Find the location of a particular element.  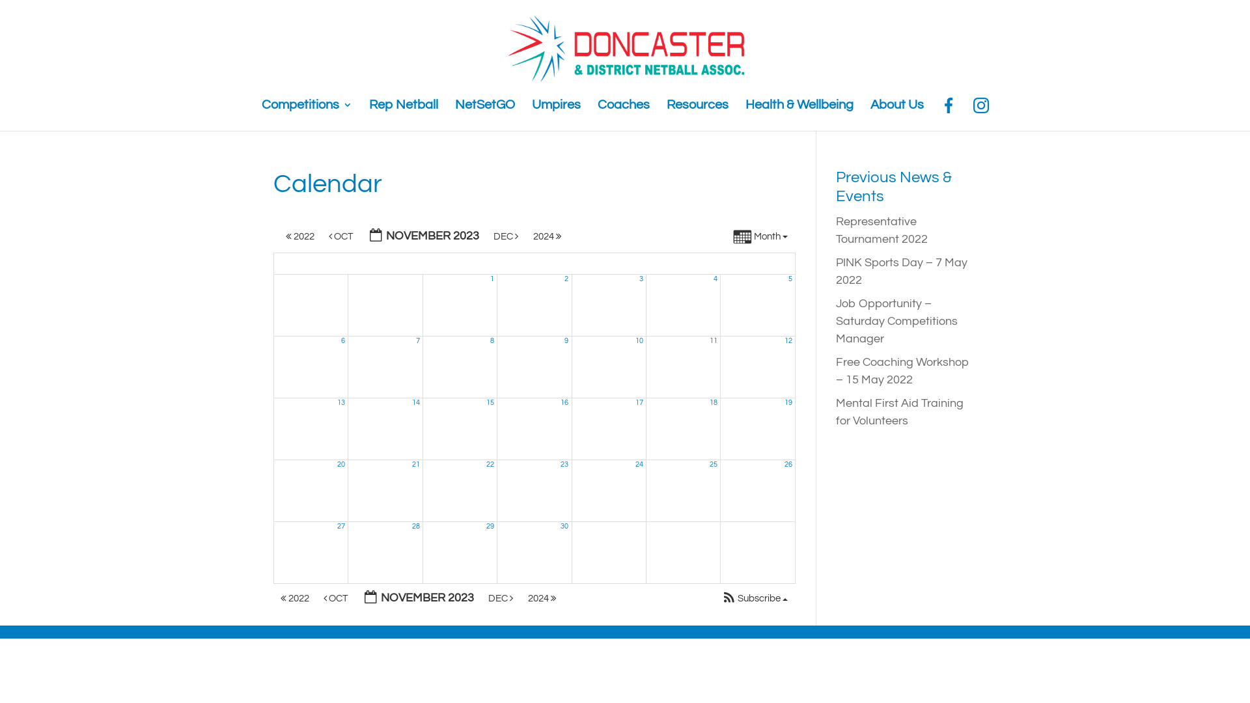

'Rep Netball' is located at coordinates (402, 113).